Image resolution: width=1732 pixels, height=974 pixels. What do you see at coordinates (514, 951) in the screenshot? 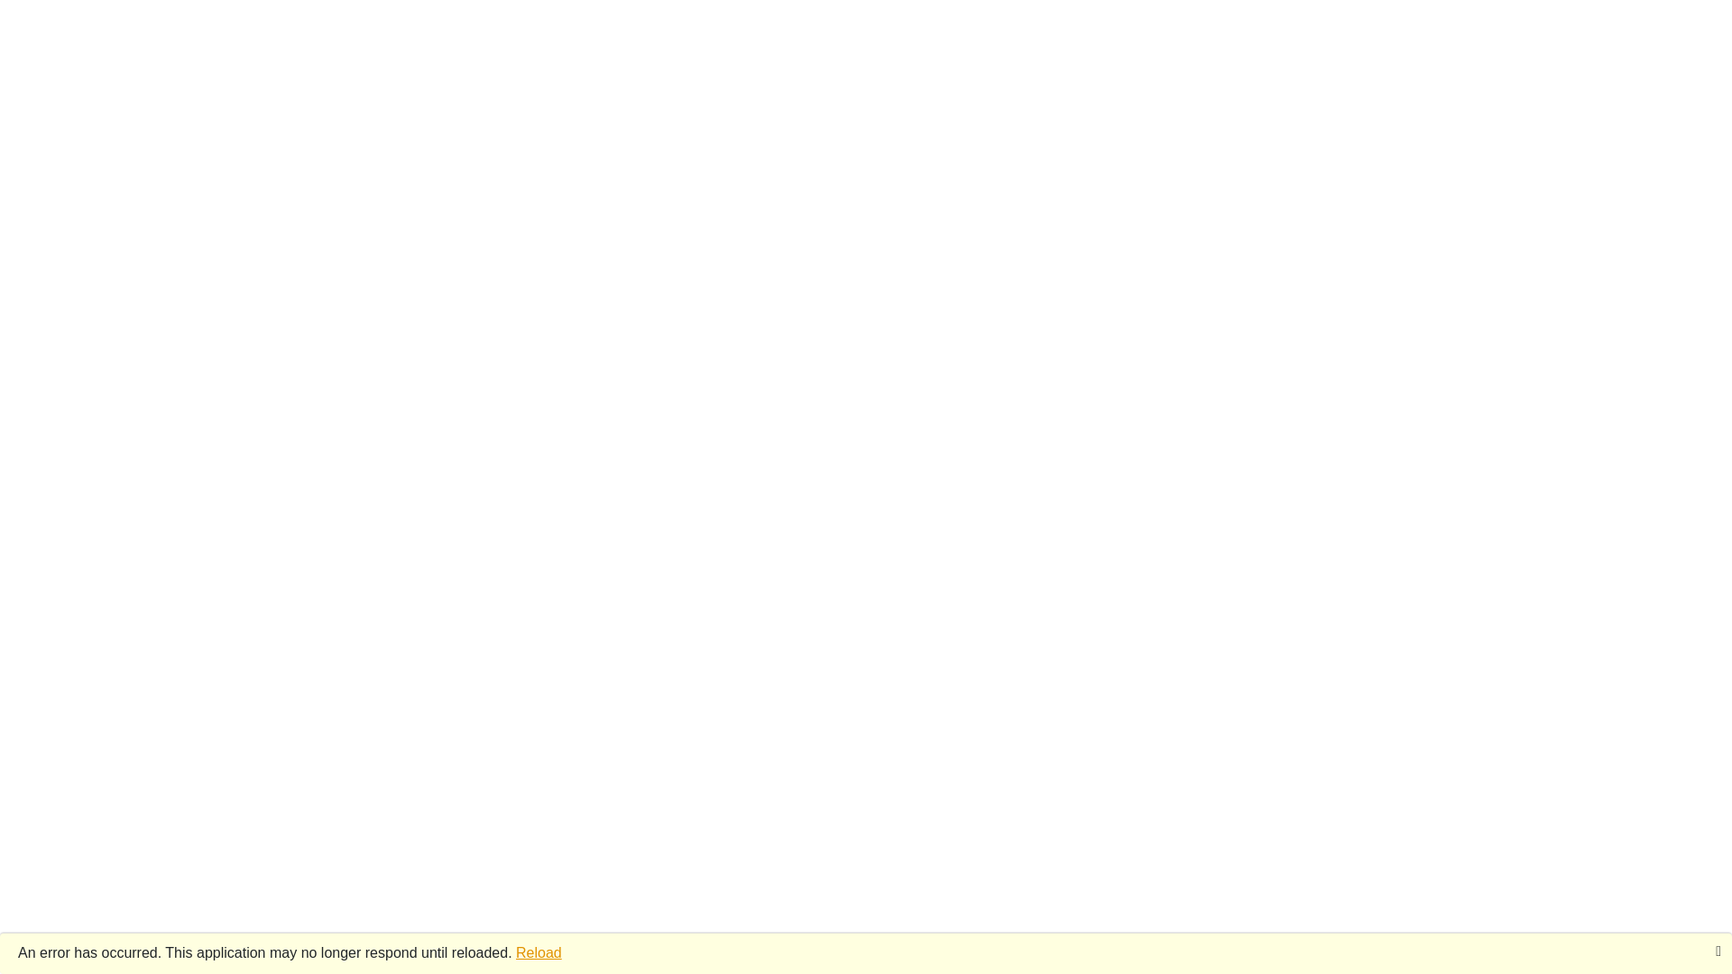
I see `'Reload'` at bounding box center [514, 951].